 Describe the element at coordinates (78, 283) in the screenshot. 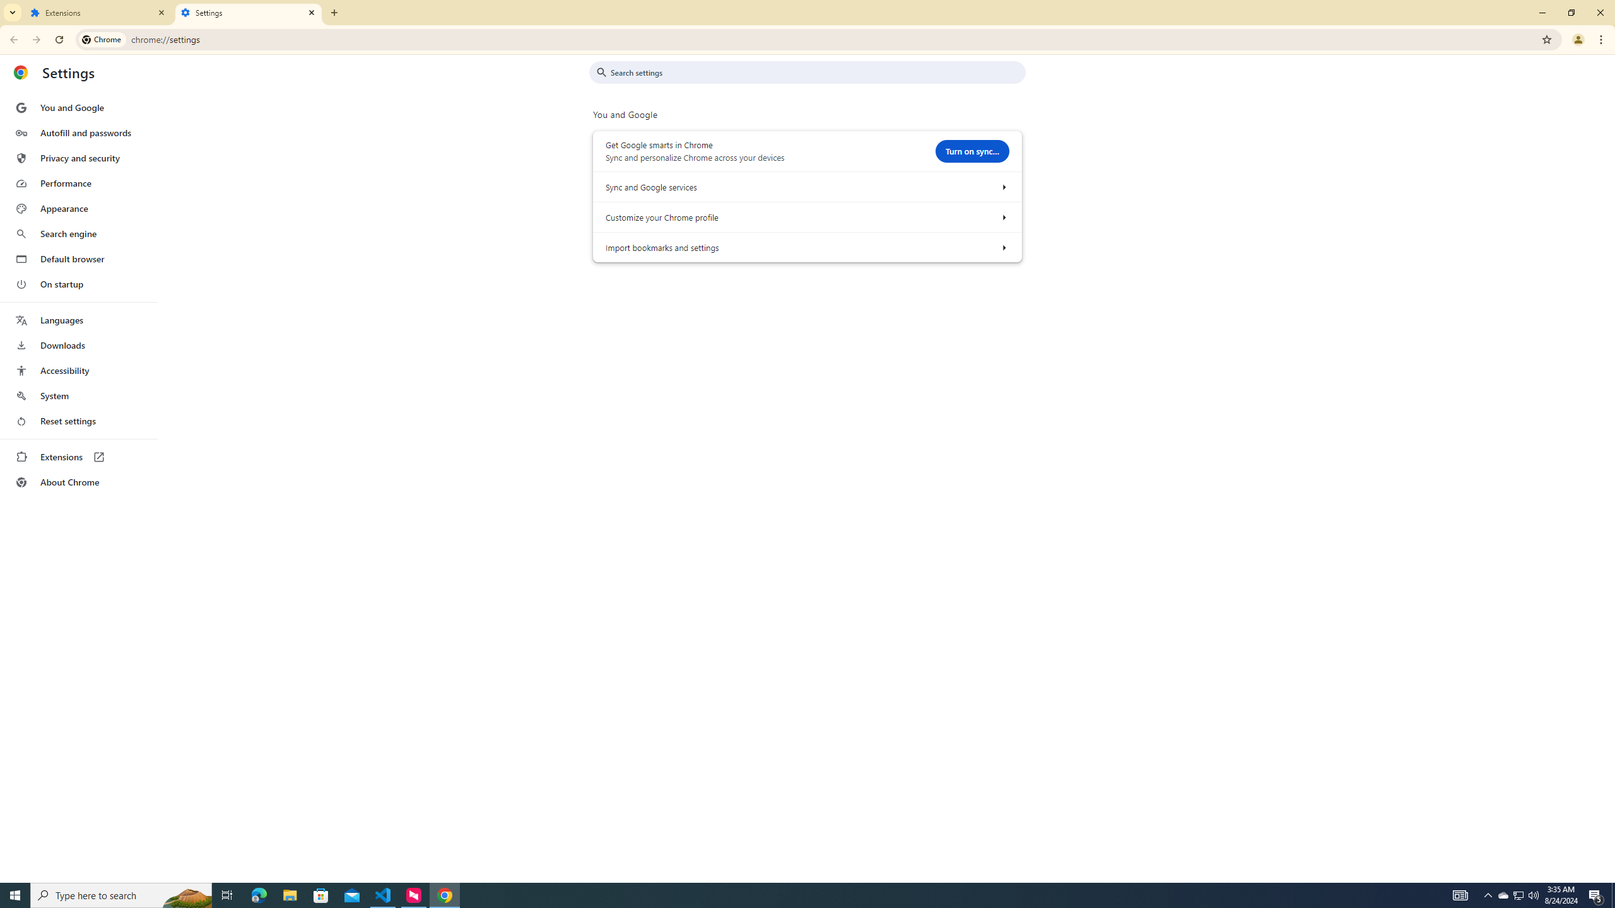

I see `'On startup'` at that location.